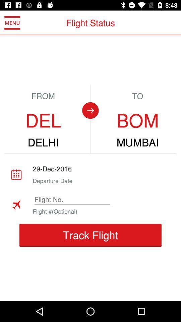  What do you see at coordinates (137, 121) in the screenshot?
I see `icon below to icon` at bounding box center [137, 121].